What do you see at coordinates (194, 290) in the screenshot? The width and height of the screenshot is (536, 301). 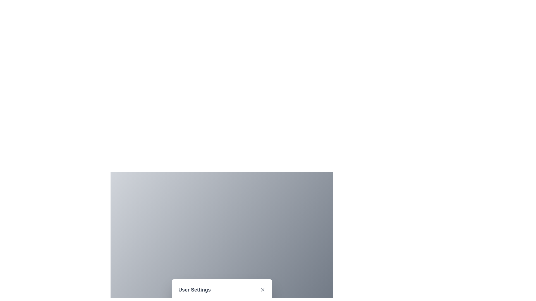 I see `the 'User Settings' text label, which is a bold and larger font title located at the bottom of a modal, serving as a section heading` at bounding box center [194, 290].